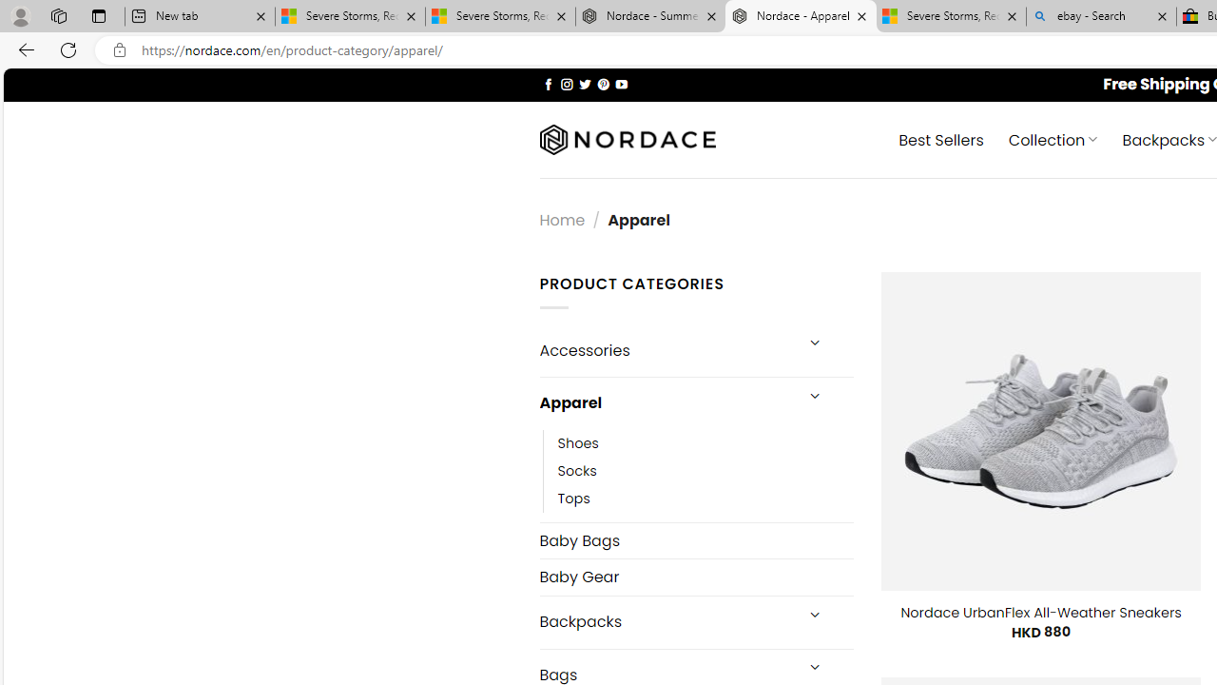 This screenshot has width=1217, height=685. What do you see at coordinates (577, 442) in the screenshot?
I see `'Shoes'` at bounding box center [577, 442].